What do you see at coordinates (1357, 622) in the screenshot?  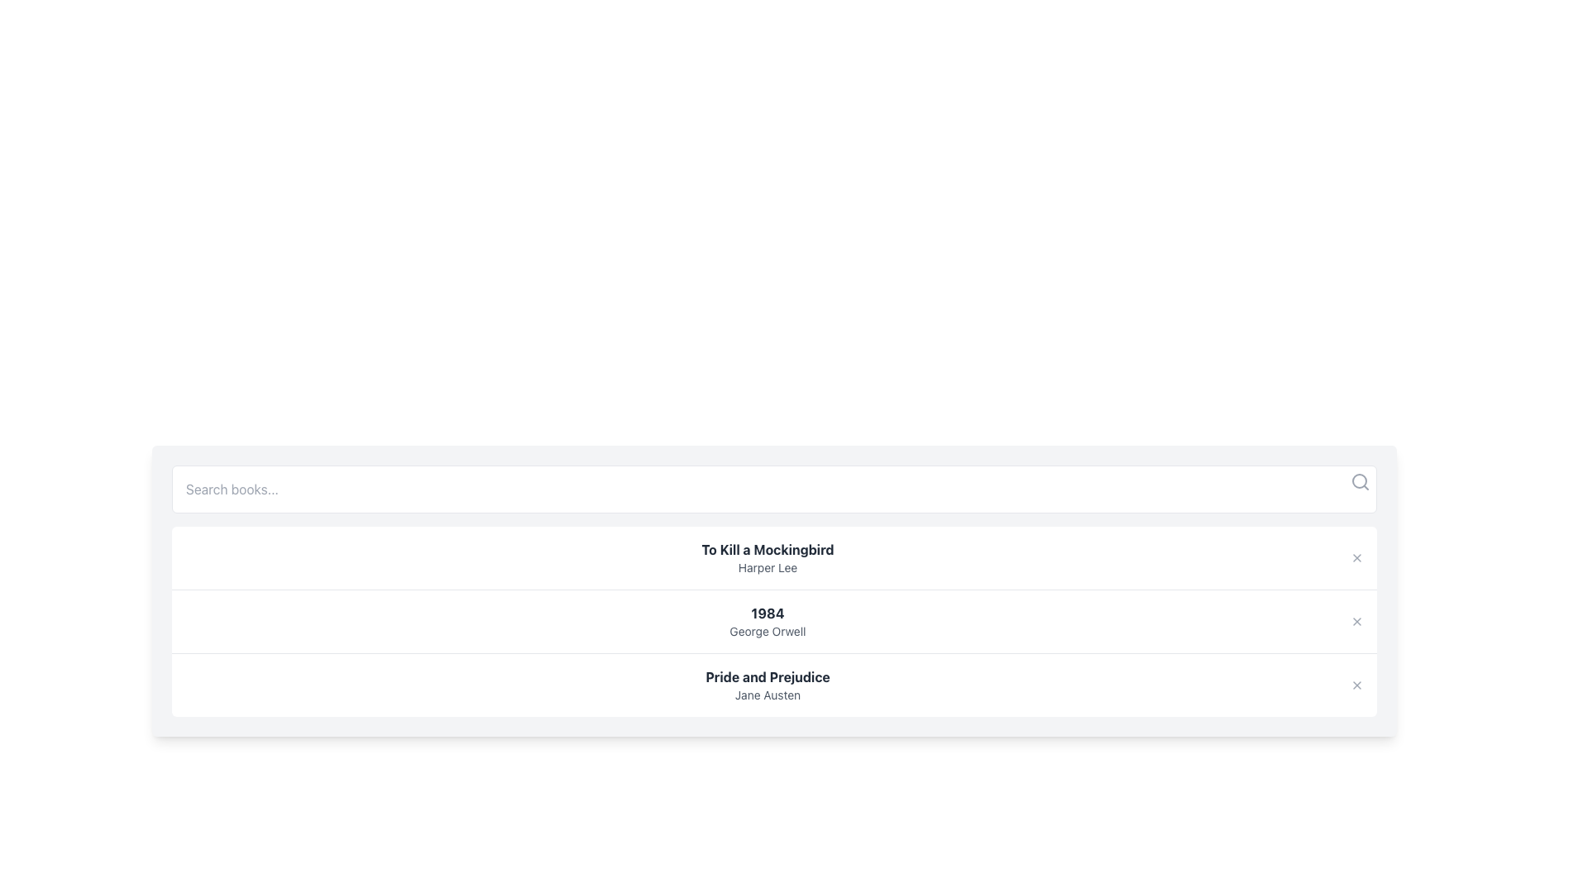 I see `the 'x' icon on the far-right side of the book entry for '1984' by George Orwell` at bounding box center [1357, 622].